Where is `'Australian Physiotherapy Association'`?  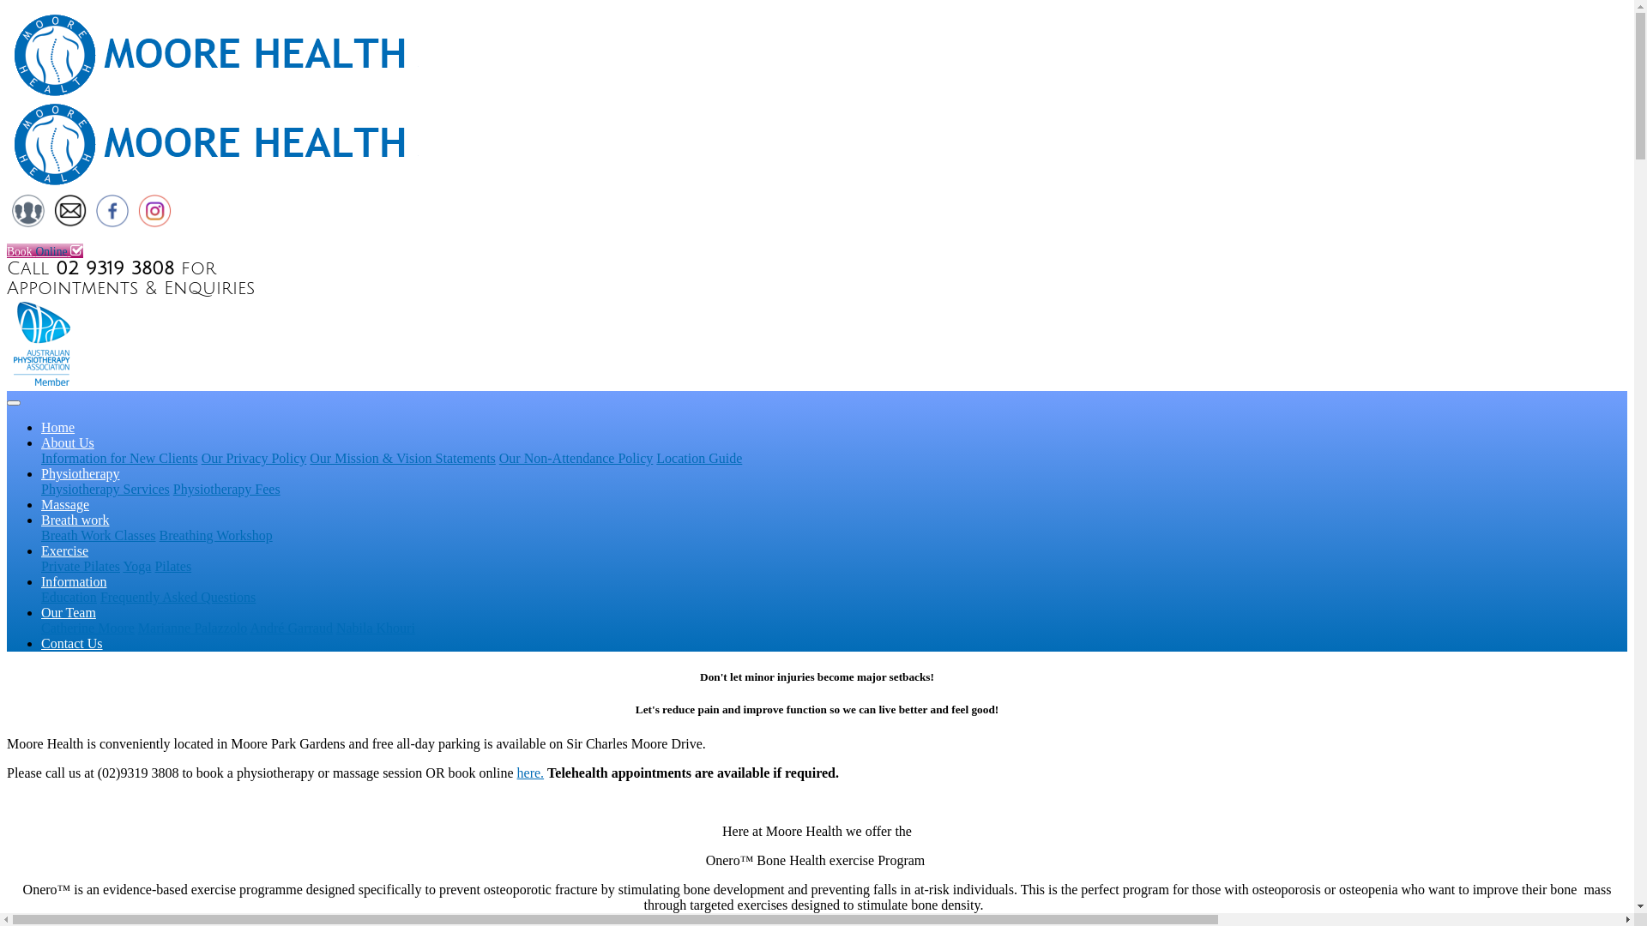 'Australian Physiotherapy Association' is located at coordinates (44, 382).